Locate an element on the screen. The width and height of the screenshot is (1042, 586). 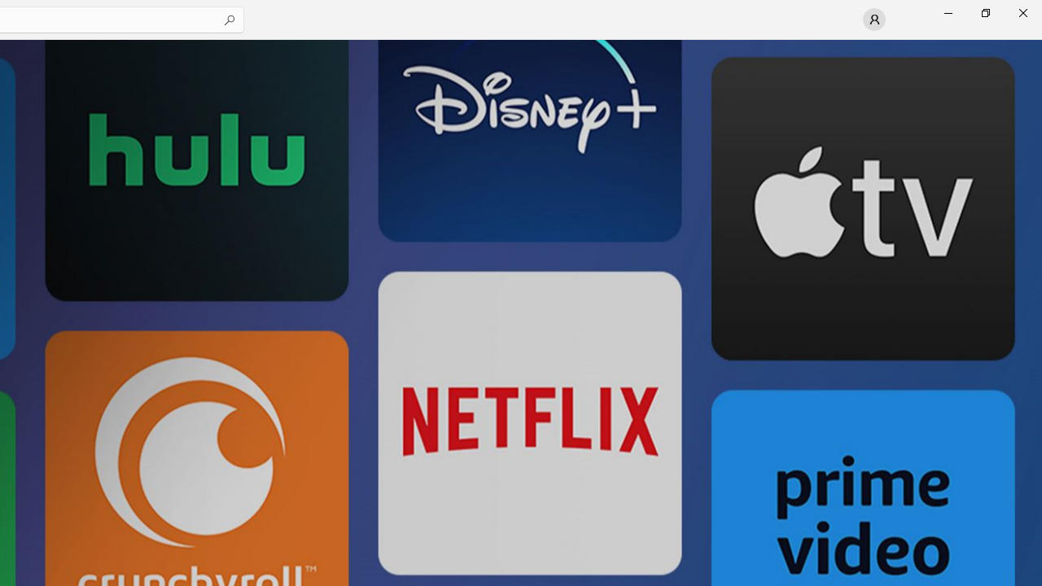
'Close Microsoft Store' is located at coordinates (1022, 12).